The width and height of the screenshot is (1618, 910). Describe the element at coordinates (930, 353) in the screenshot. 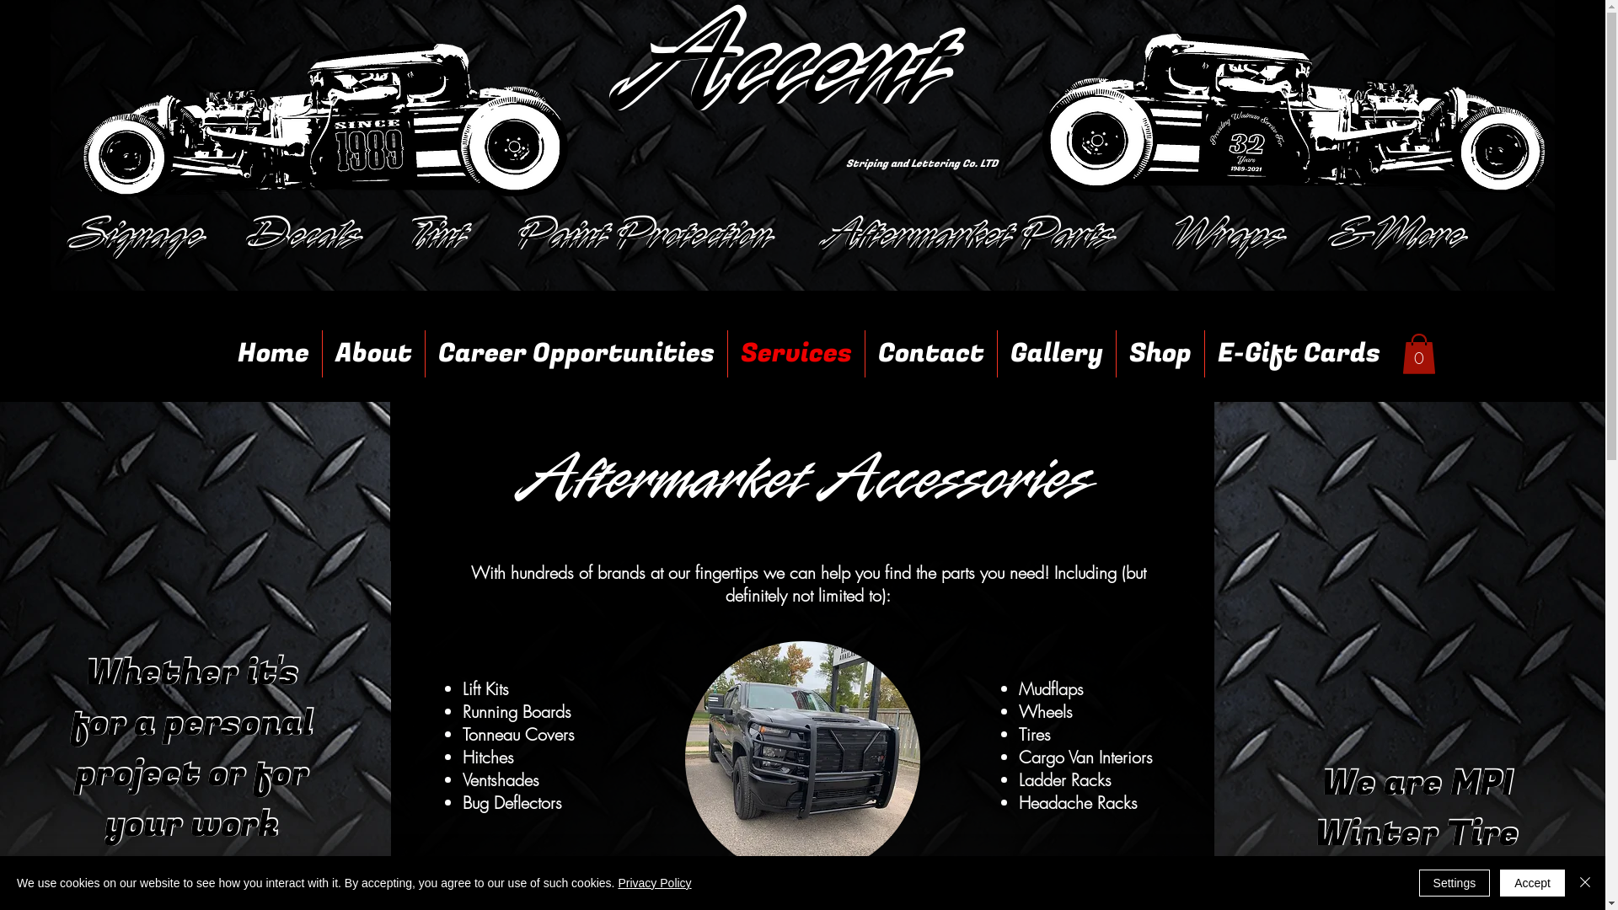

I see `'Contact'` at that location.